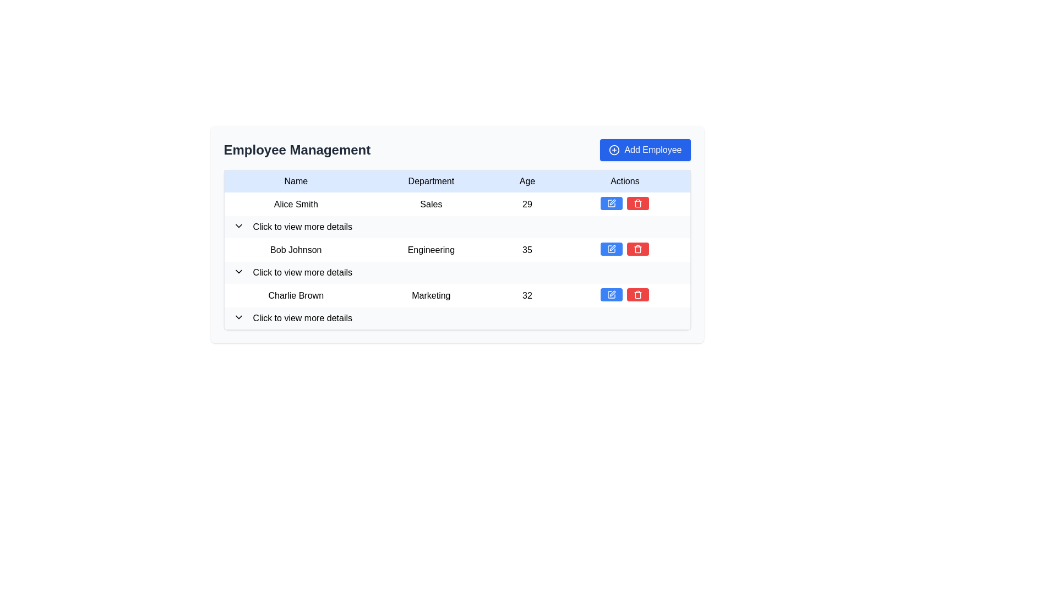 This screenshot has width=1057, height=594. Describe the element at coordinates (457, 180) in the screenshot. I see `styling or layout of the Table Header Row located at the topmost row of the Employee Management table` at that location.